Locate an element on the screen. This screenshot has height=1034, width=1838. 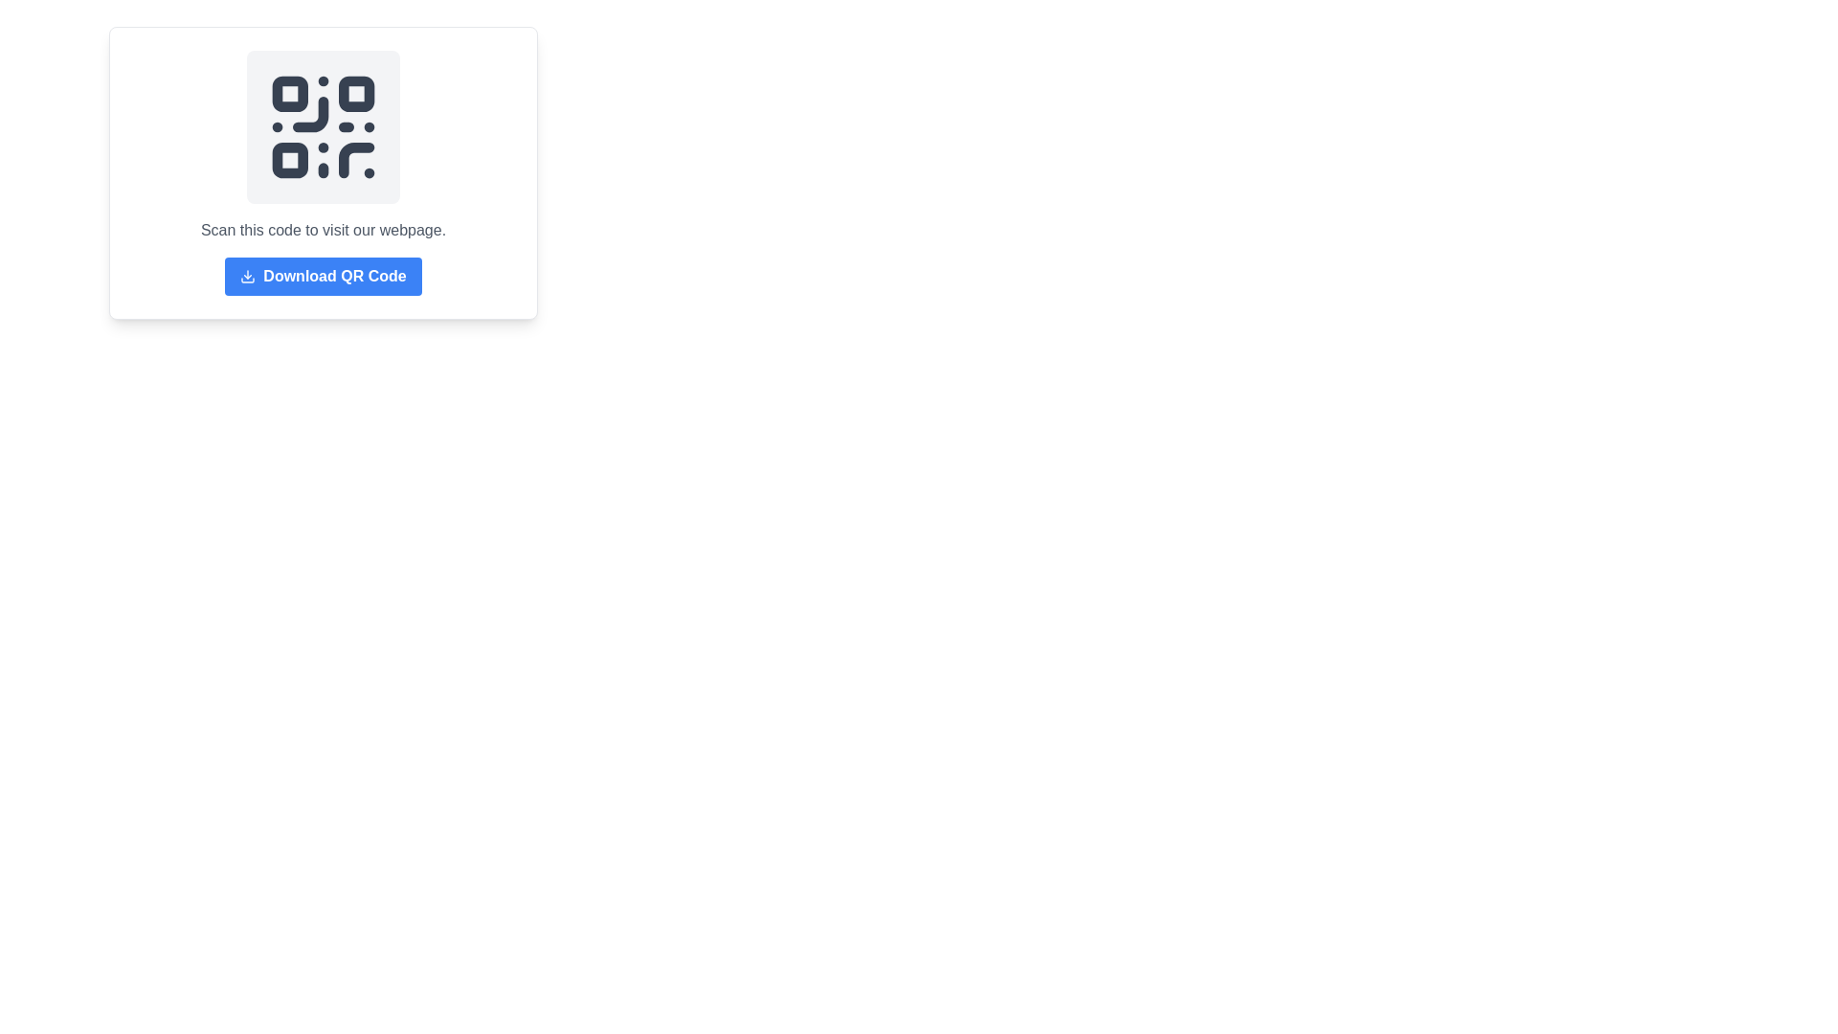
the Decorative element located in the top-left corner of the QR code, which serves as part of its structure and is visually distinct is located at coordinates (289, 94).